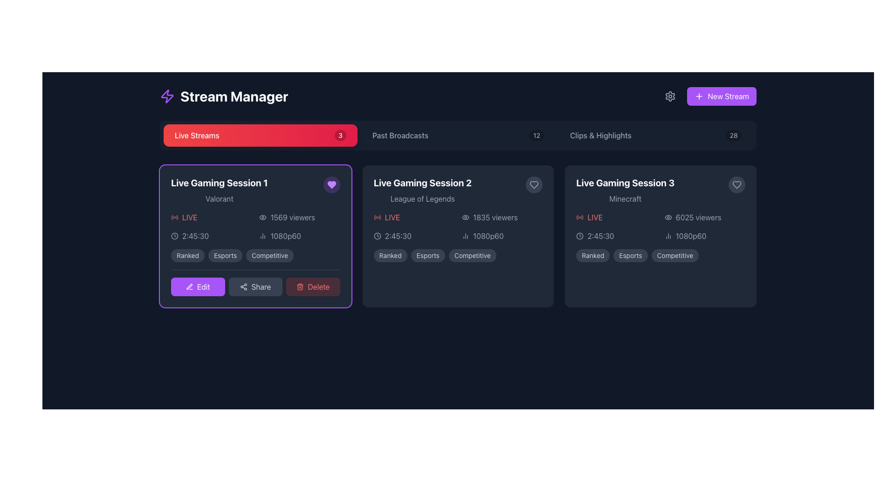 The image size is (895, 503). What do you see at coordinates (203, 286) in the screenshot?
I see `the 'Edit' label located at the bottom-left corner of the 'Live Gaming Session 1' card, which is the leftmost button in a group of action buttons adjacent to 'Share' and 'Delete'` at bounding box center [203, 286].